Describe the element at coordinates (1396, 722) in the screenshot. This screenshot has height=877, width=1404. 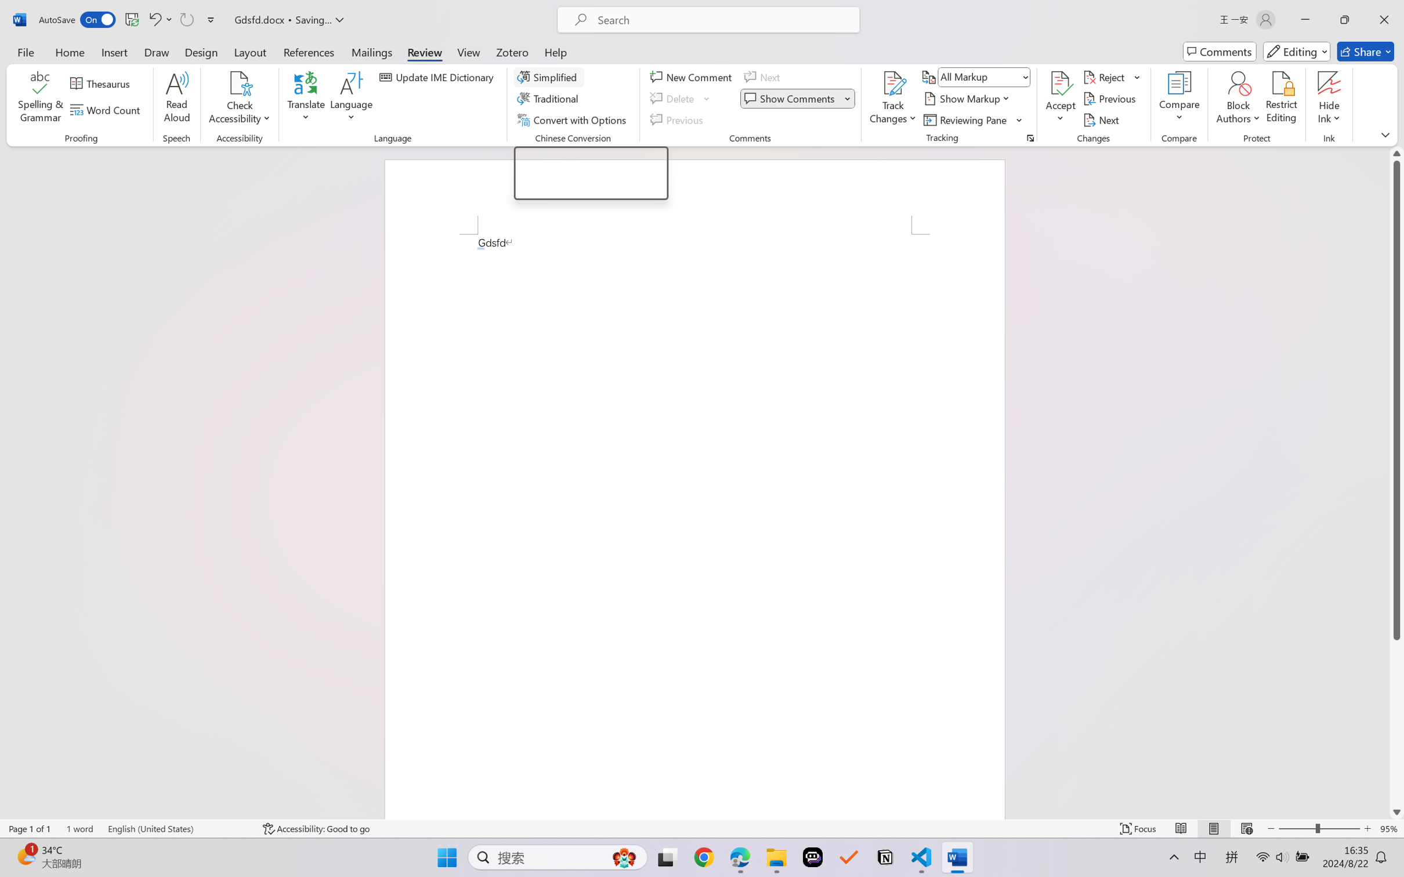
I see `'Page down'` at that location.